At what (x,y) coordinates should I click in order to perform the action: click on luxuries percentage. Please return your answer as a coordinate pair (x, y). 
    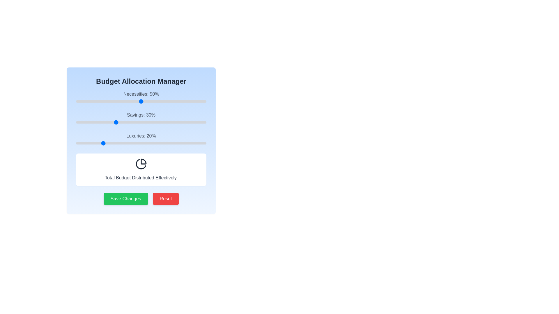
    Looking at the image, I should click on (159, 143).